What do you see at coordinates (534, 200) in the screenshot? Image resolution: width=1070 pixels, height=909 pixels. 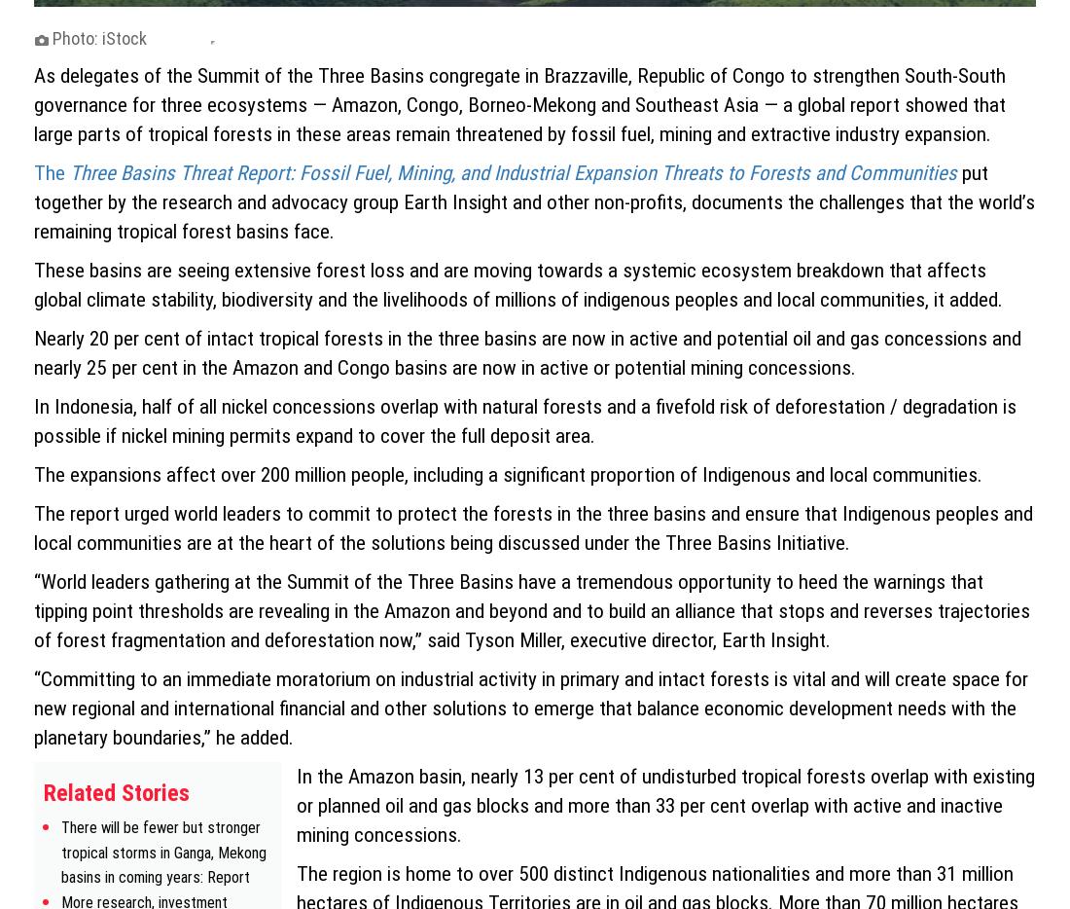 I see `'put together by the research and advocacy group Earth Insight and other non-profits, documents the challenges that the world’s remaining tropical forest basins face.'` at bounding box center [534, 200].